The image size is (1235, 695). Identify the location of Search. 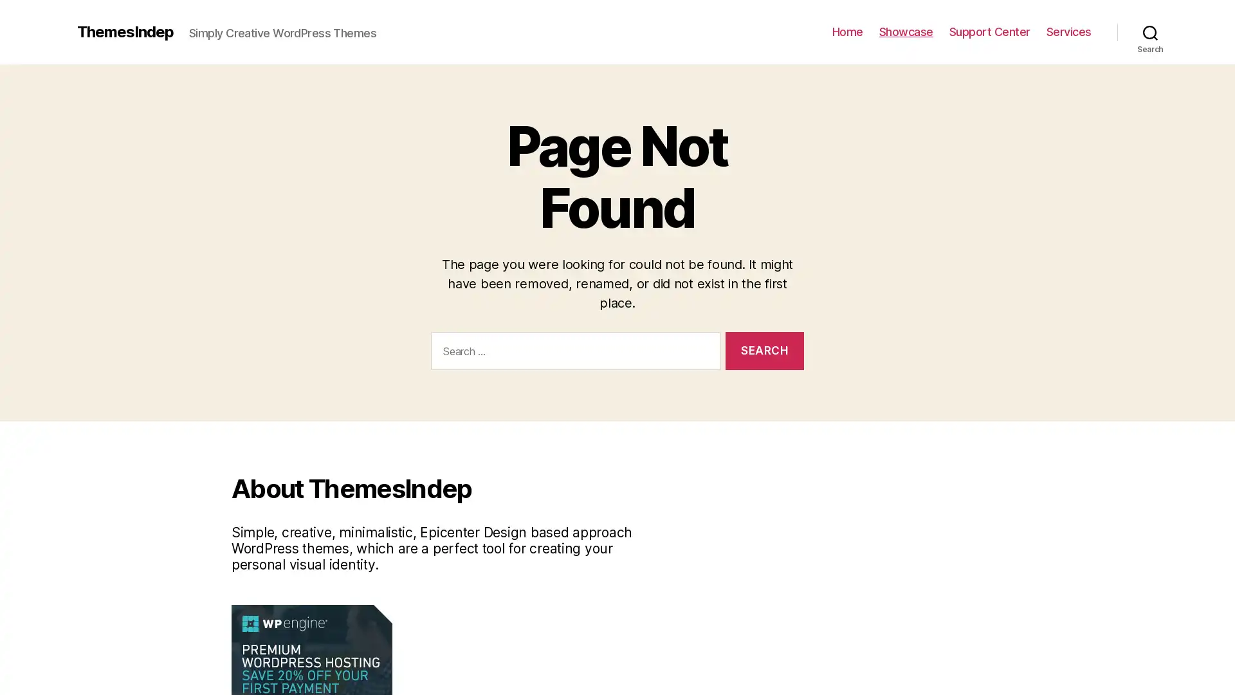
(1150, 32).